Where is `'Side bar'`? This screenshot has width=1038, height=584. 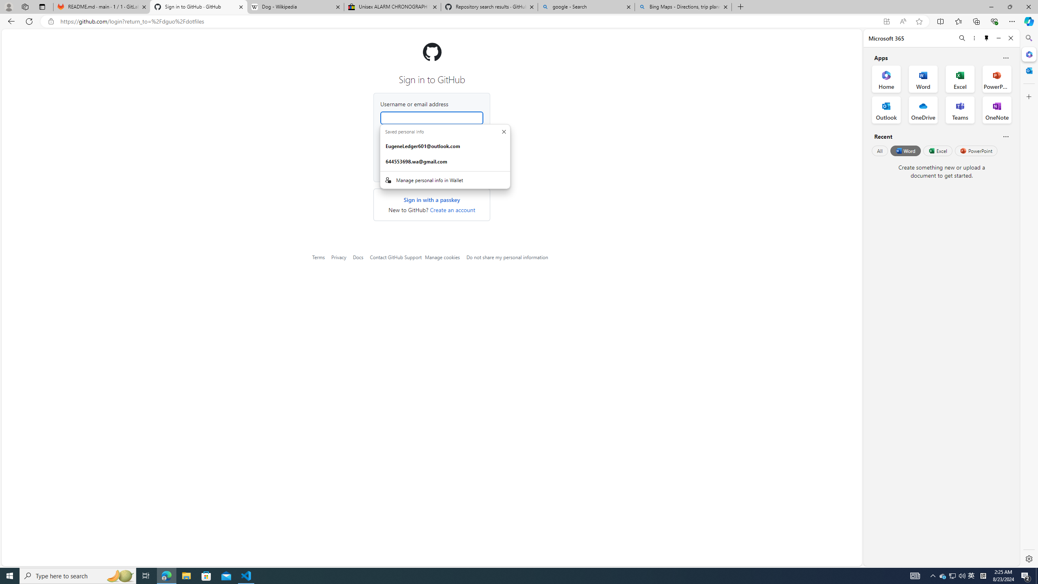
'Side bar' is located at coordinates (1029, 298).